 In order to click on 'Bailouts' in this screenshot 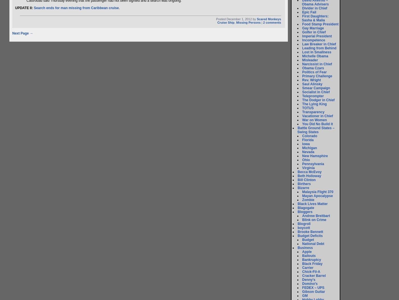, I will do `click(309, 256)`.